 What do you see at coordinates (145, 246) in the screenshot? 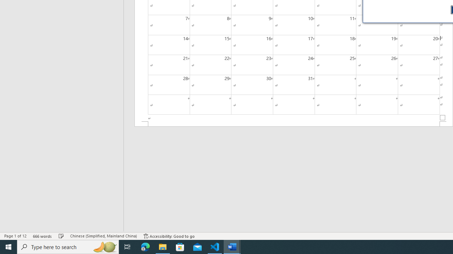
I see `'Microsoft Edge'` at bounding box center [145, 246].